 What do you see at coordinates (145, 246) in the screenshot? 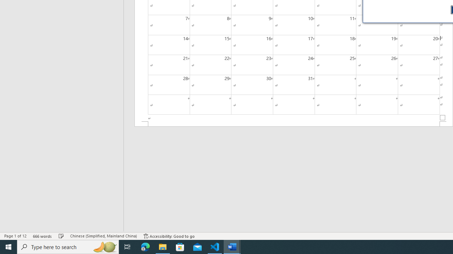
I see `'Microsoft Edge'` at bounding box center [145, 246].